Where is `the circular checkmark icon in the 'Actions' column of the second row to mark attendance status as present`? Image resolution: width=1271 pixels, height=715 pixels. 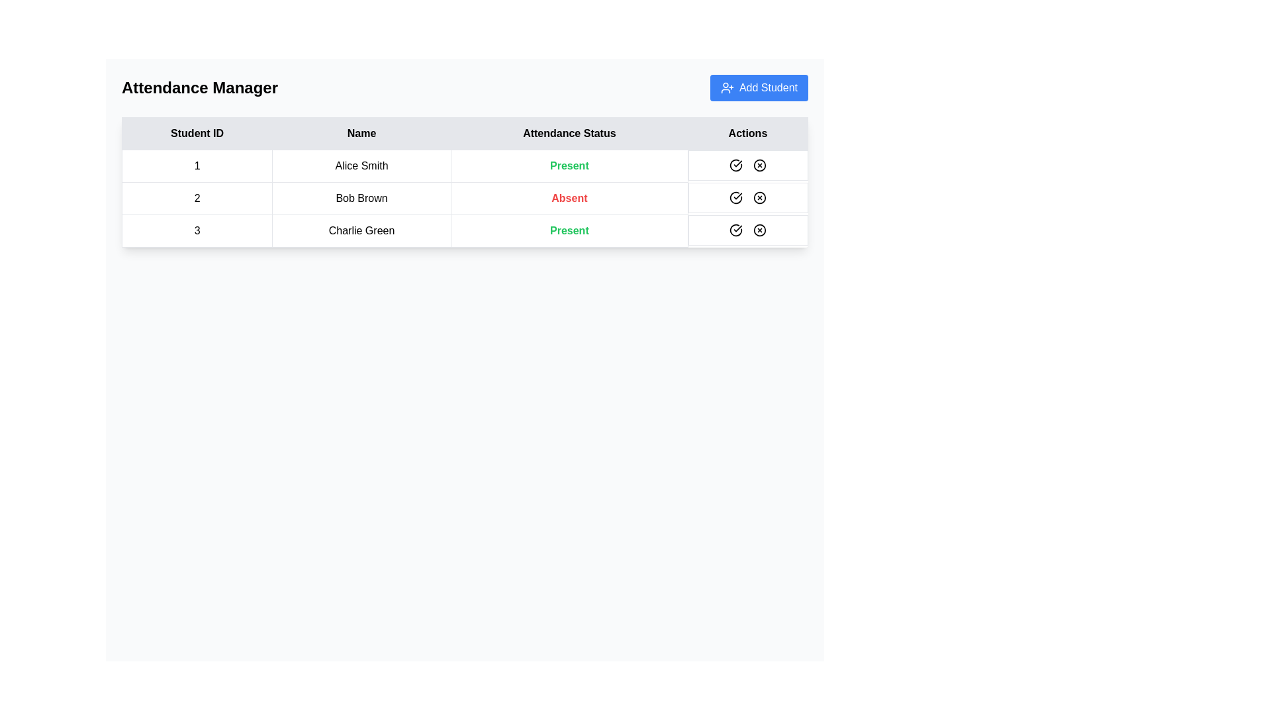
the circular checkmark icon in the 'Actions' column of the second row to mark attendance status as present is located at coordinates (735, 197).